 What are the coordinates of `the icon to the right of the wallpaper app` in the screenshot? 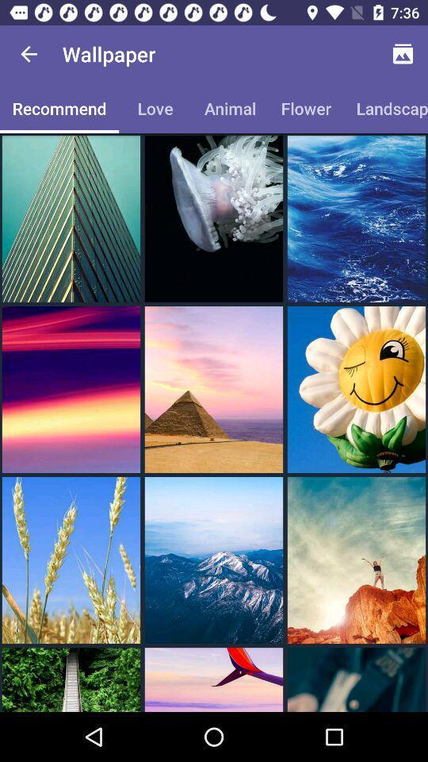 It's located at (403, 54).